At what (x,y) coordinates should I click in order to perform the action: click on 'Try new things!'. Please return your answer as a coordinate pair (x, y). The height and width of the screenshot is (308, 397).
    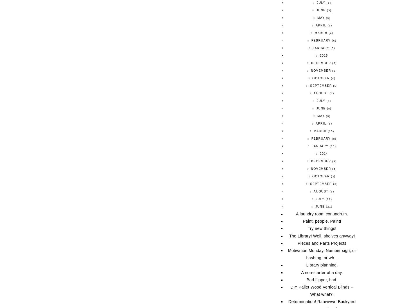
    Looking at the image, I should click on (321, 228).